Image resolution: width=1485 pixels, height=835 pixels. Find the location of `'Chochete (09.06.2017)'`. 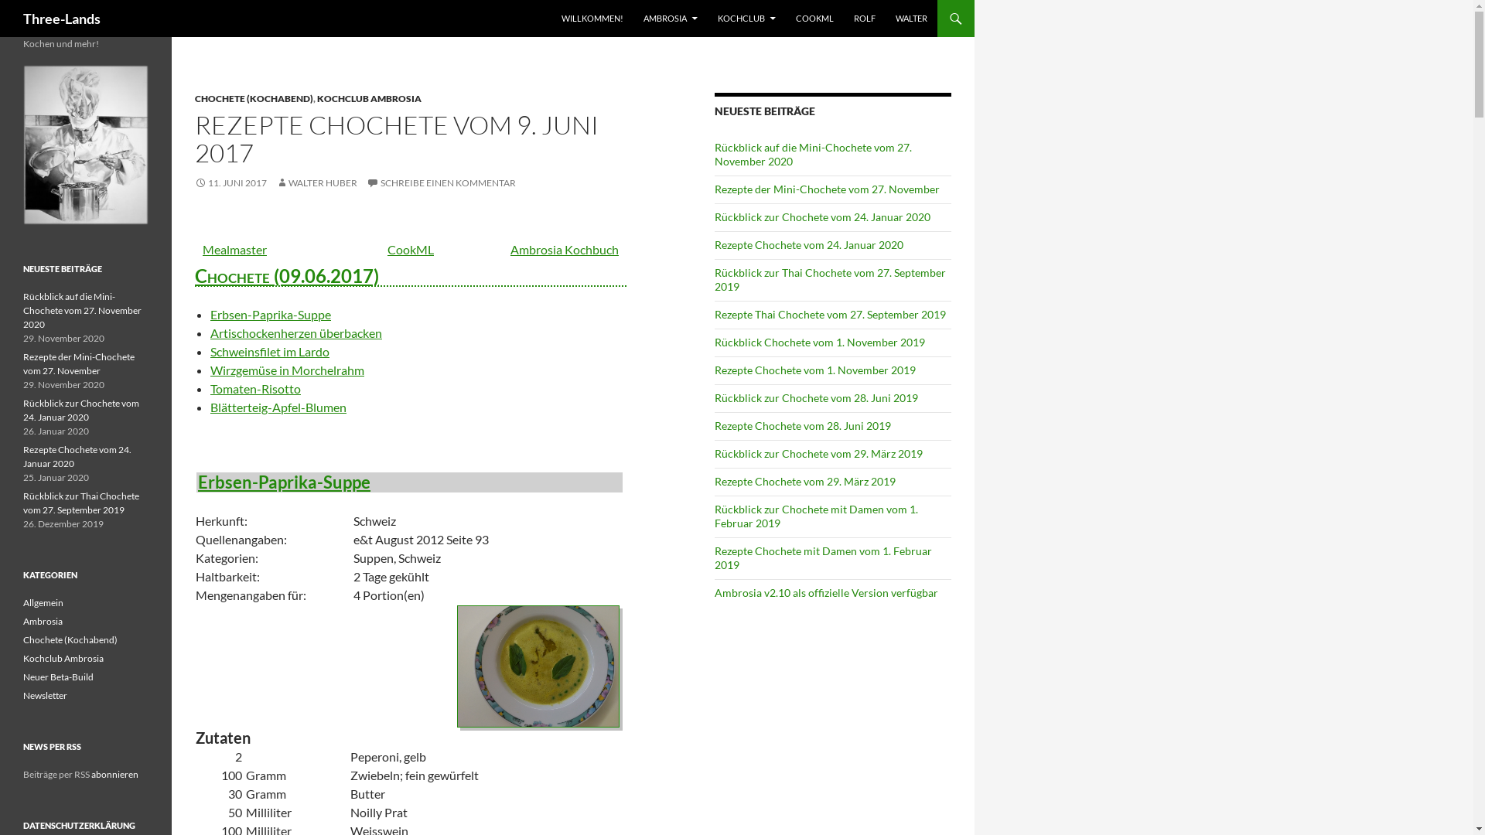

'Chochete (09.06.2017)' is located at coordinates (194, 258).